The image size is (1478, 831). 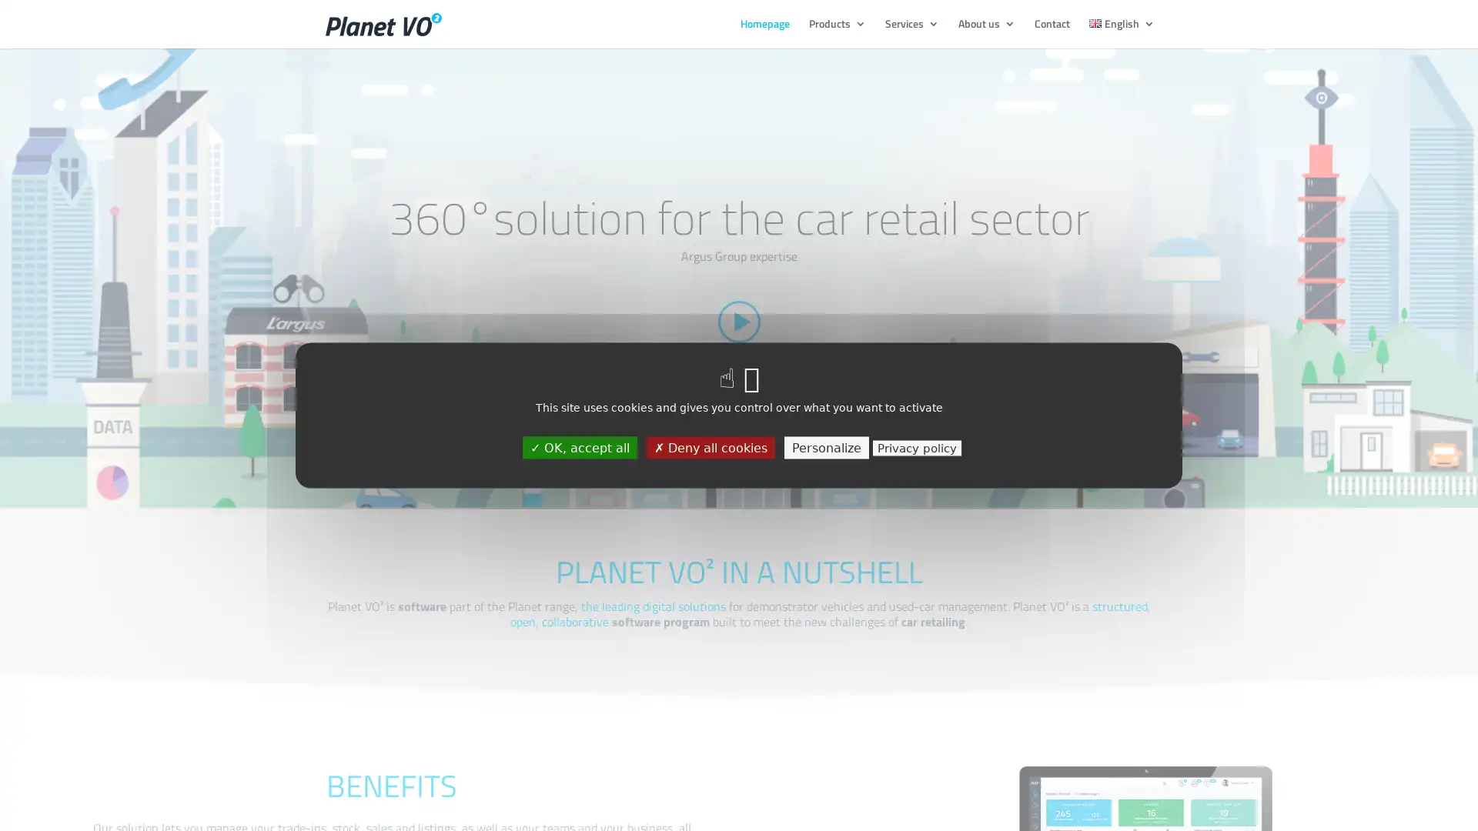 I want to click on Personalize (modal window), so click(x=825, y=447).